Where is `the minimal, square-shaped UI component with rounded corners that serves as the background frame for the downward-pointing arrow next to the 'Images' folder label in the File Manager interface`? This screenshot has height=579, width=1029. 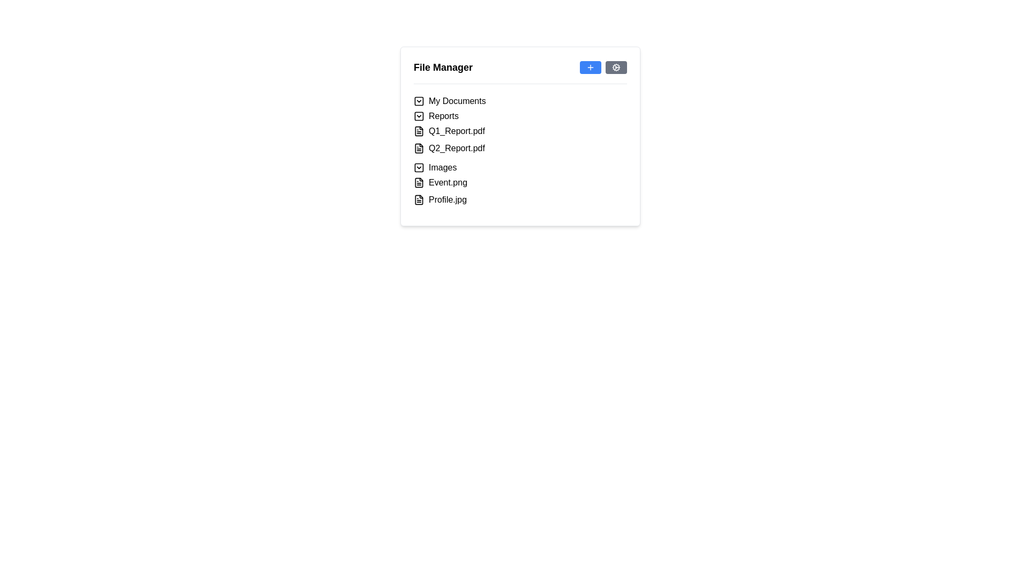 the minimal, square-shaped UI component with rounded corners that serves as the background frame for the downward-pointing arrow next to the 'Images' folder label in the File Manager interface is located at coordinates (419, 167).